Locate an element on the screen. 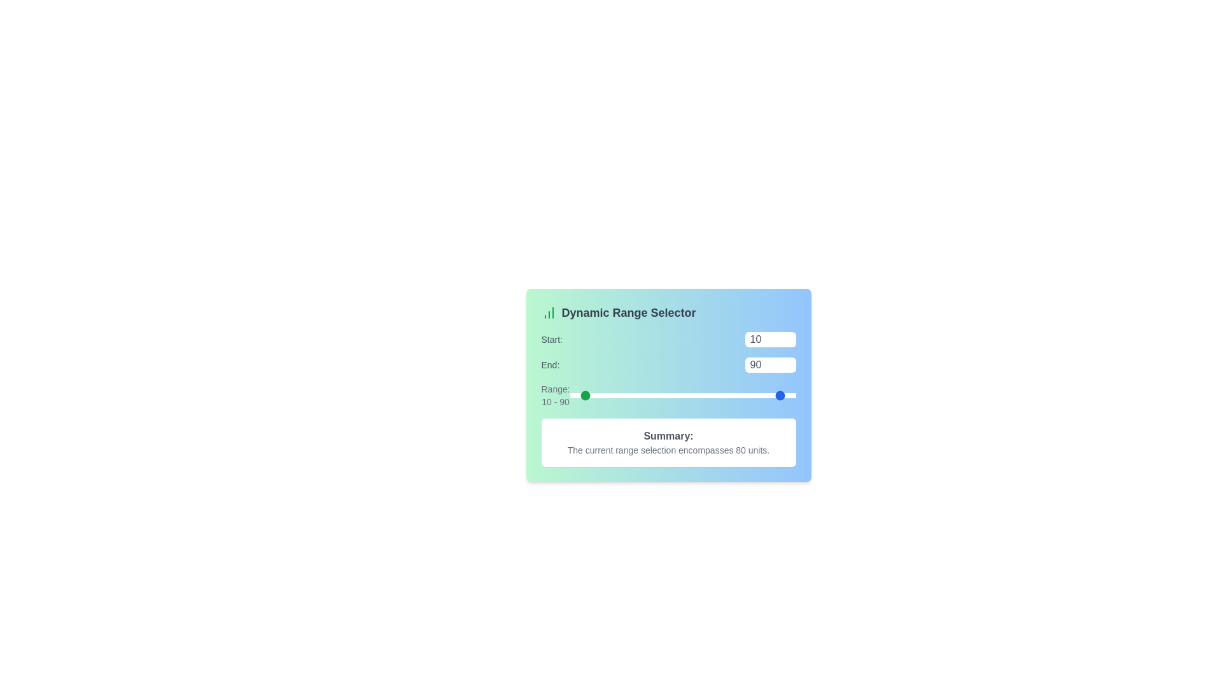 Image resolution: width=1222 pixels, height=687 pixels. the 'Start' range slider to 81 is located at coordinates (661, 394).